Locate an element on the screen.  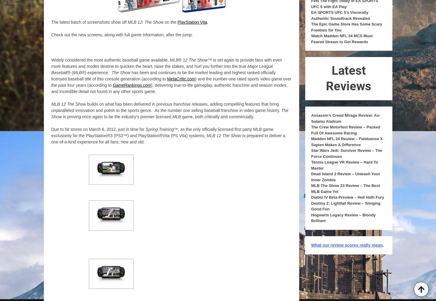
'builds on what has been delivered in previous franchise releases, adding compelling features that bring unparalleled innovation and polish to the sports genre.  As the number one selling baseball franchise in video game history,' is located at coordinates (166, 107).